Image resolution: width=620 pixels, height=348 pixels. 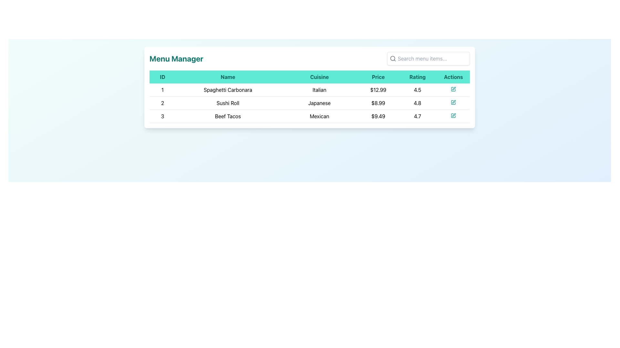 I want to click on to reposition the cursor within the search input field located, so click(x=428, y=58).